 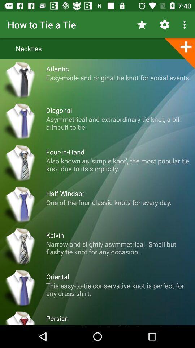 What do you see at coordinates (179, 53) in the screenshot?
I see `the add icon` at bounding box center [179, 53].